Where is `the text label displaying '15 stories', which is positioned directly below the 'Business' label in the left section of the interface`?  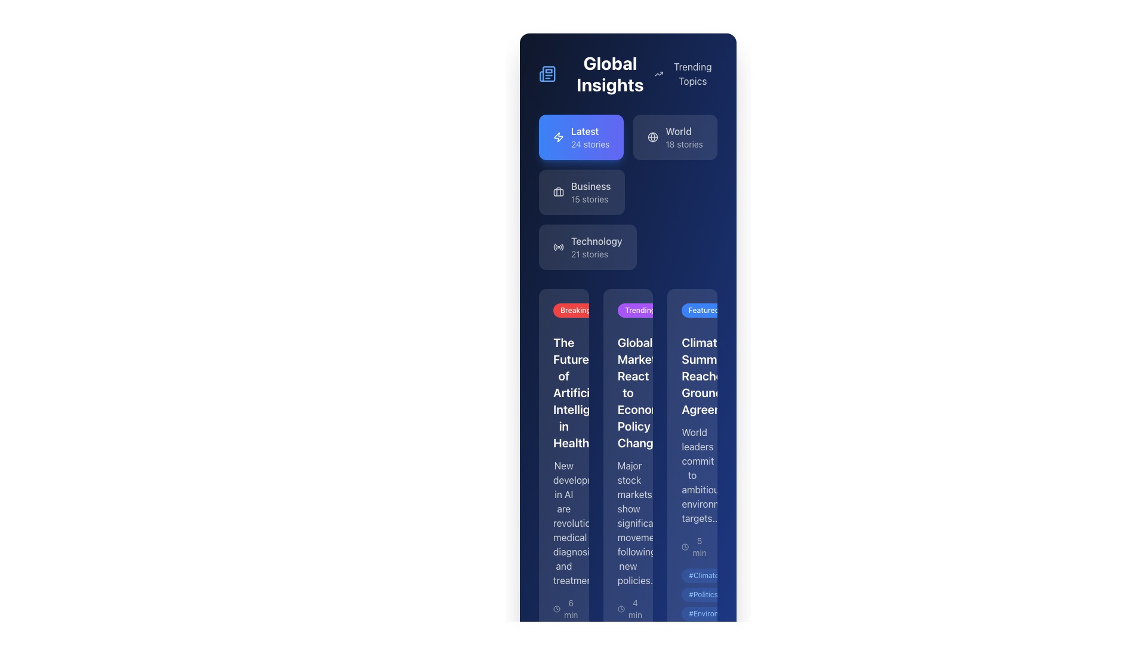 the text label displaying '15 stories', which is positioned directly below the 'Business' label in the left section of the interface is located at coordinates (591, 199).